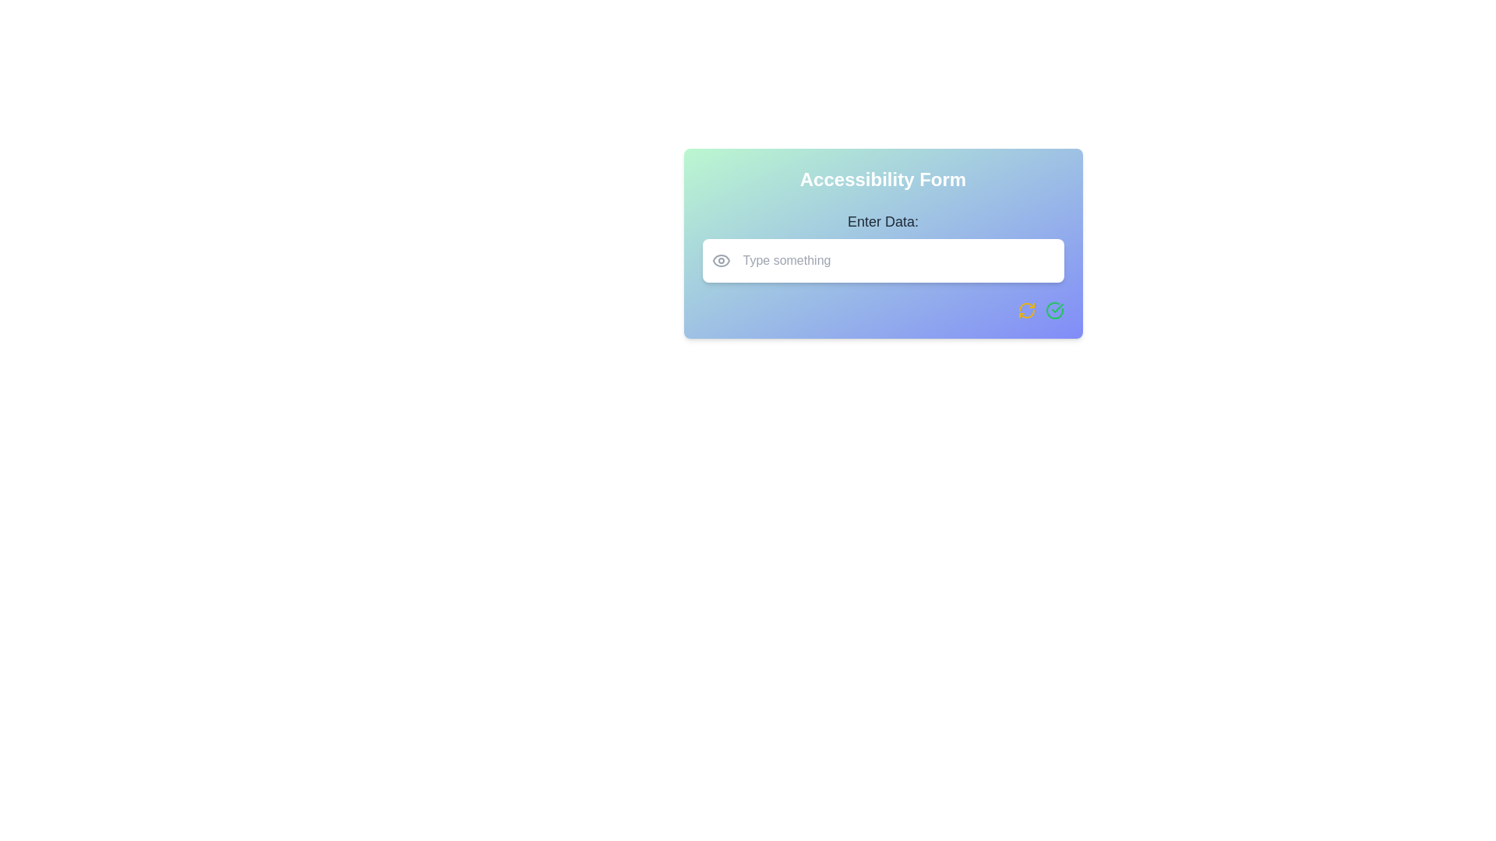  Describe the element at coordinates (1057, 308) in the screenshot. I see `the green checkmark icon located within the circular icon set in the bottom-right corner of the card interface` at that location.